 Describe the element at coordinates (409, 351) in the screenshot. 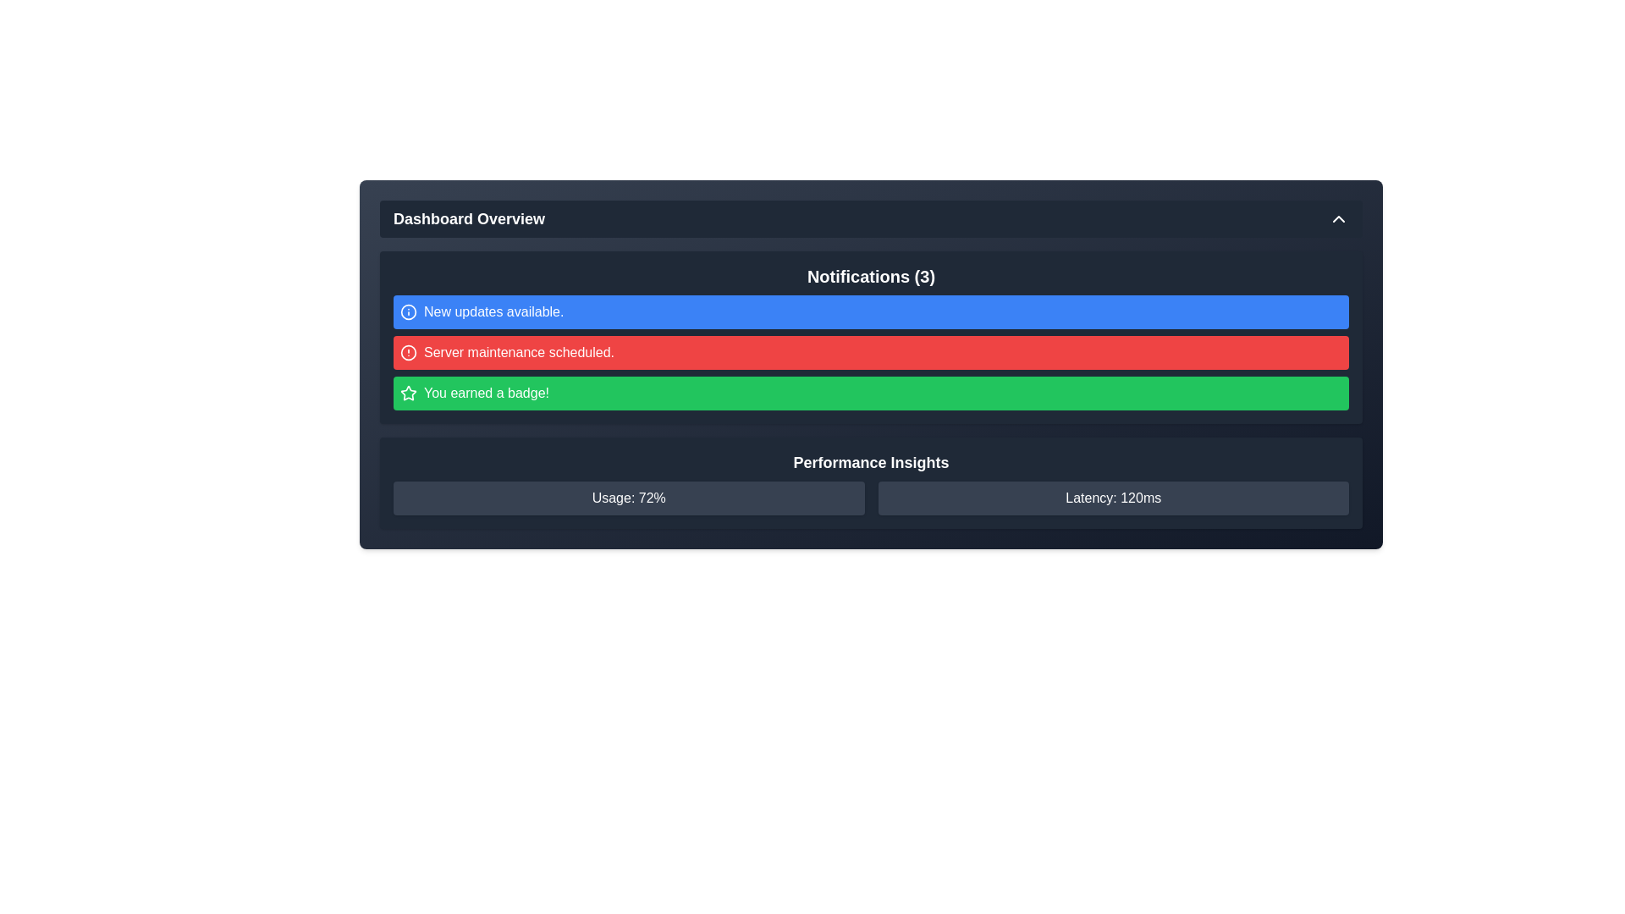

I see `the circular outline icon located to the left of the notification 'Server maintenance scheduled.' within the notification panel` at that location.